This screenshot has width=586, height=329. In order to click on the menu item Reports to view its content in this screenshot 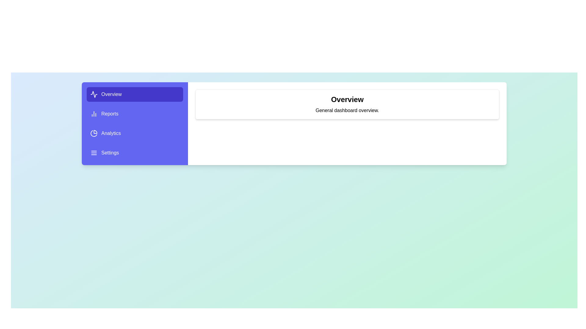, I will do `click(134, 114)`.